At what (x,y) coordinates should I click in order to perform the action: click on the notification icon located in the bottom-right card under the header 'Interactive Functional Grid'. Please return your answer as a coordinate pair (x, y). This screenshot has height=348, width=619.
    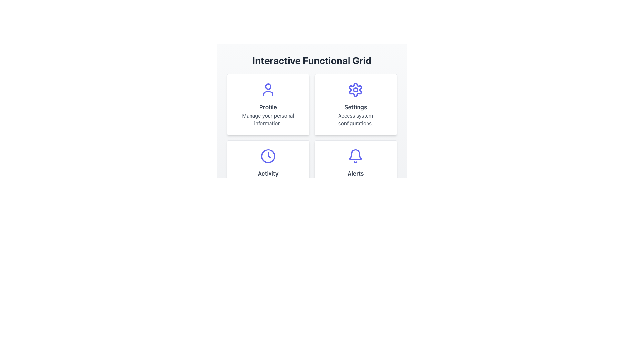
    Looking at the image, I should click on (355, 154).